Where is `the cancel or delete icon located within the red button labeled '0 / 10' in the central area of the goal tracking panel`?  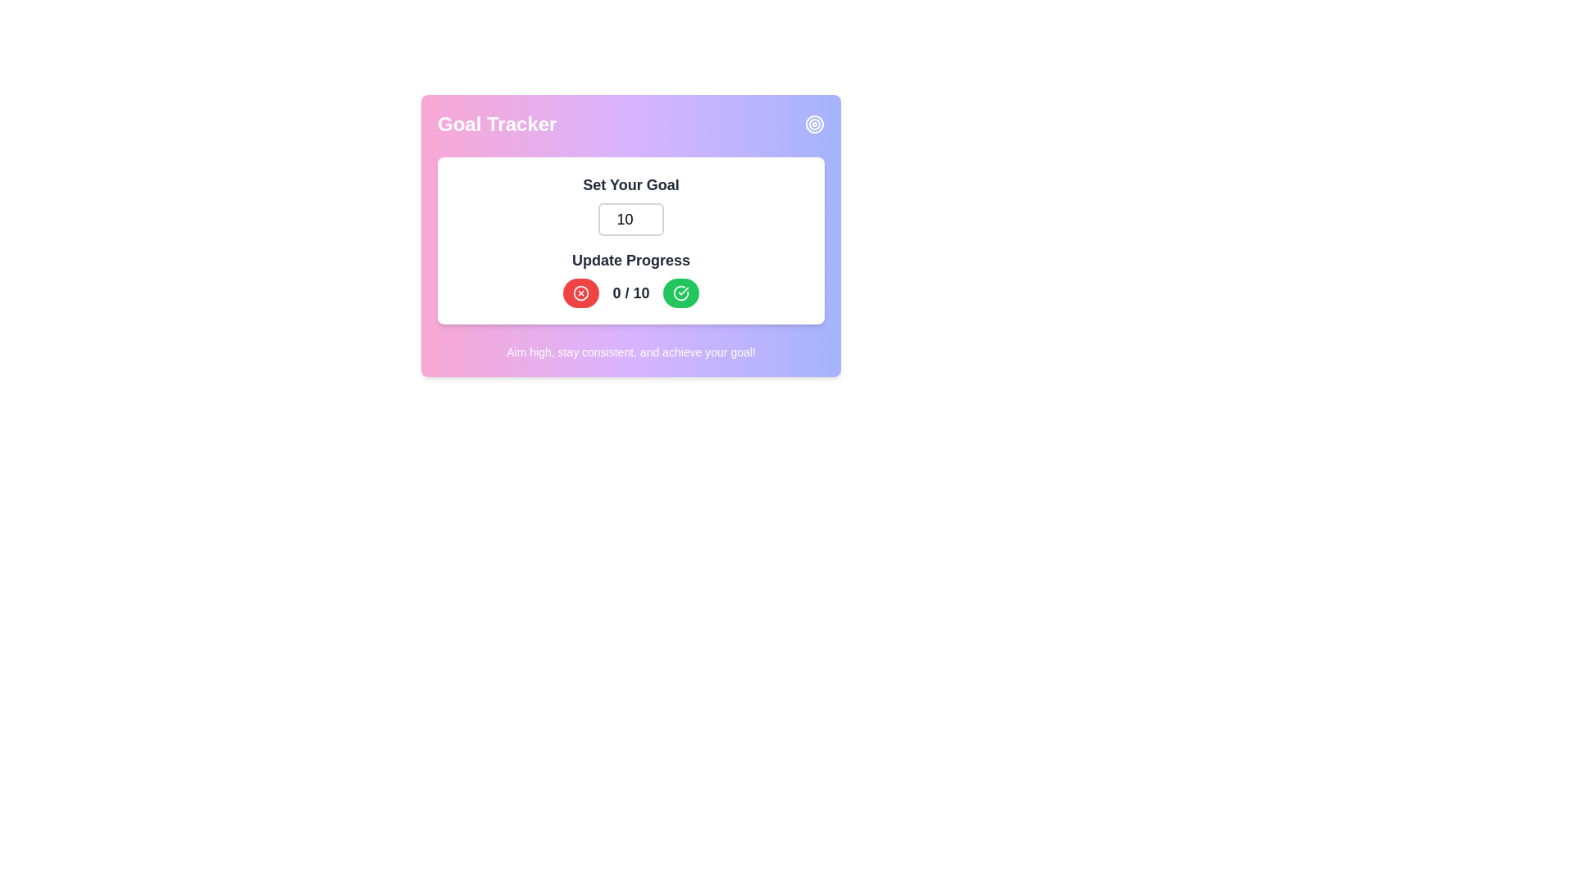 the cancel or delete icon located within the red button labeled '0 / 10' in the central area of the goal tracking panel is located at coordinates (581, 293).